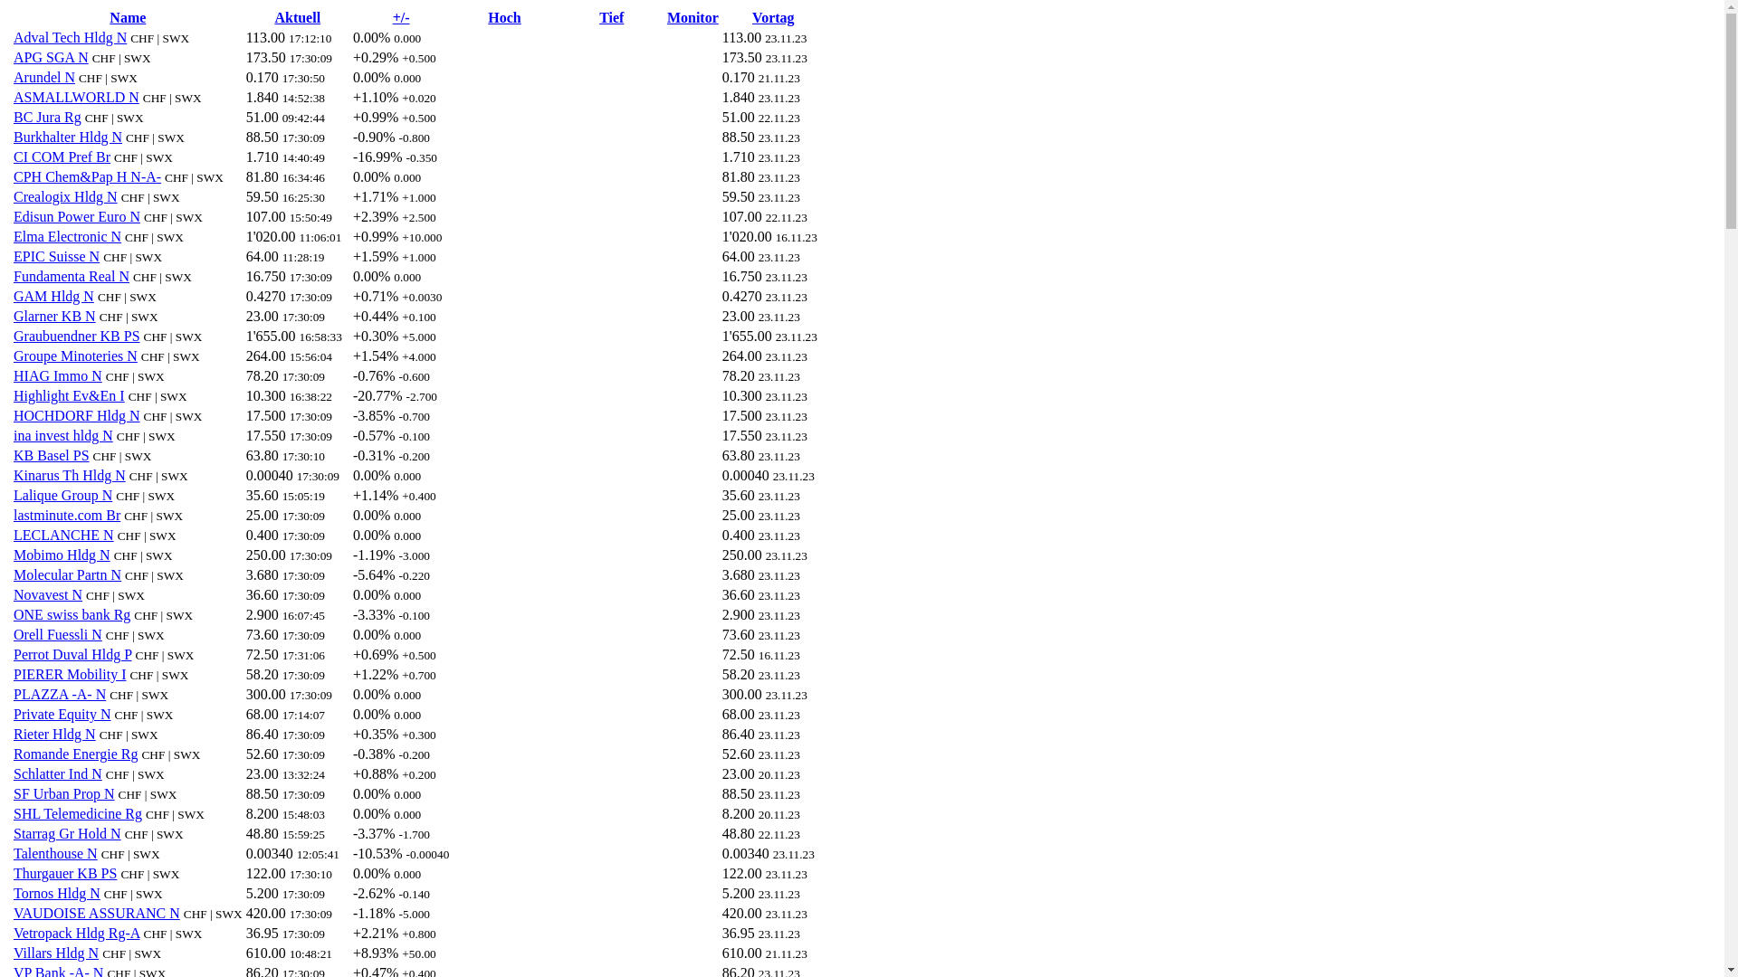 The height and width of the screenshot is (977, 1738). What do you see at coordinates (67, 833) in the screenshot?
I see `'Starrag Gr Hold N'` at bounding box center [67, 833].